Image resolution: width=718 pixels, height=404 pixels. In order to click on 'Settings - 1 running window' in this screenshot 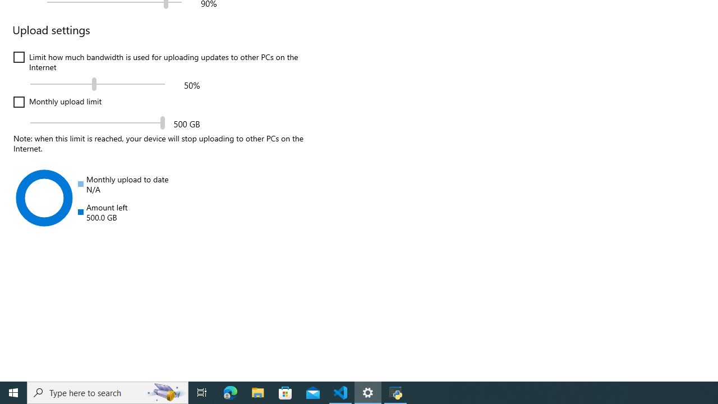, I will do `click(368, 392)`.